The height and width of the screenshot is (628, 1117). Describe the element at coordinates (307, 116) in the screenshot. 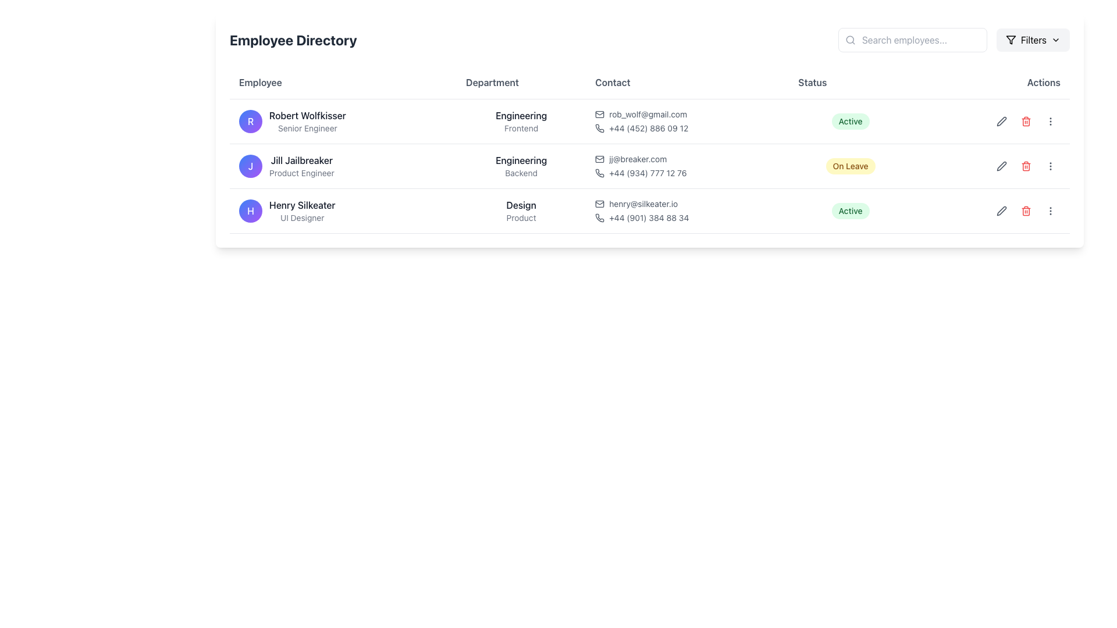

I see `text label 'Robert Wolfkisser' displayed in bold and dark gray font in the Employee Directory table under the 'Employee' column, which is the first row entry` at that location.